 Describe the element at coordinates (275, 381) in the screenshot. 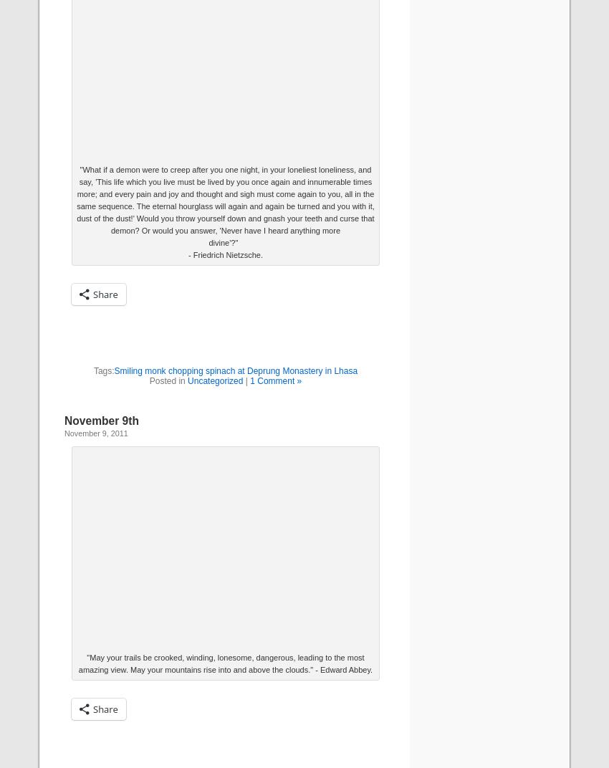

I see `'1 Comment »'` at that location.